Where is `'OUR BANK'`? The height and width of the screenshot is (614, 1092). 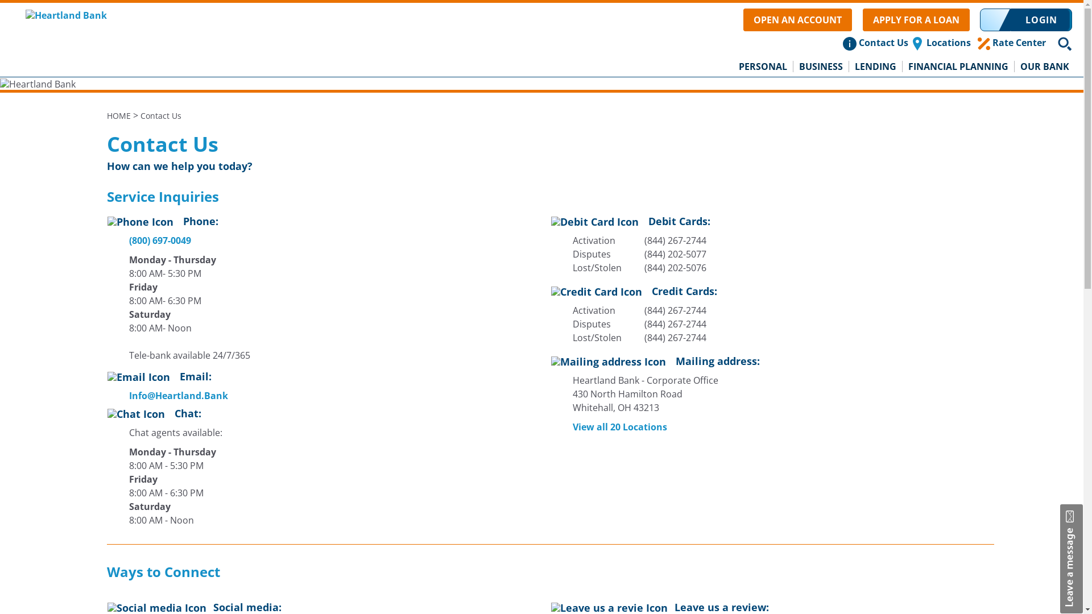 'OUR BANK' is located at coordinates (1045, 66).